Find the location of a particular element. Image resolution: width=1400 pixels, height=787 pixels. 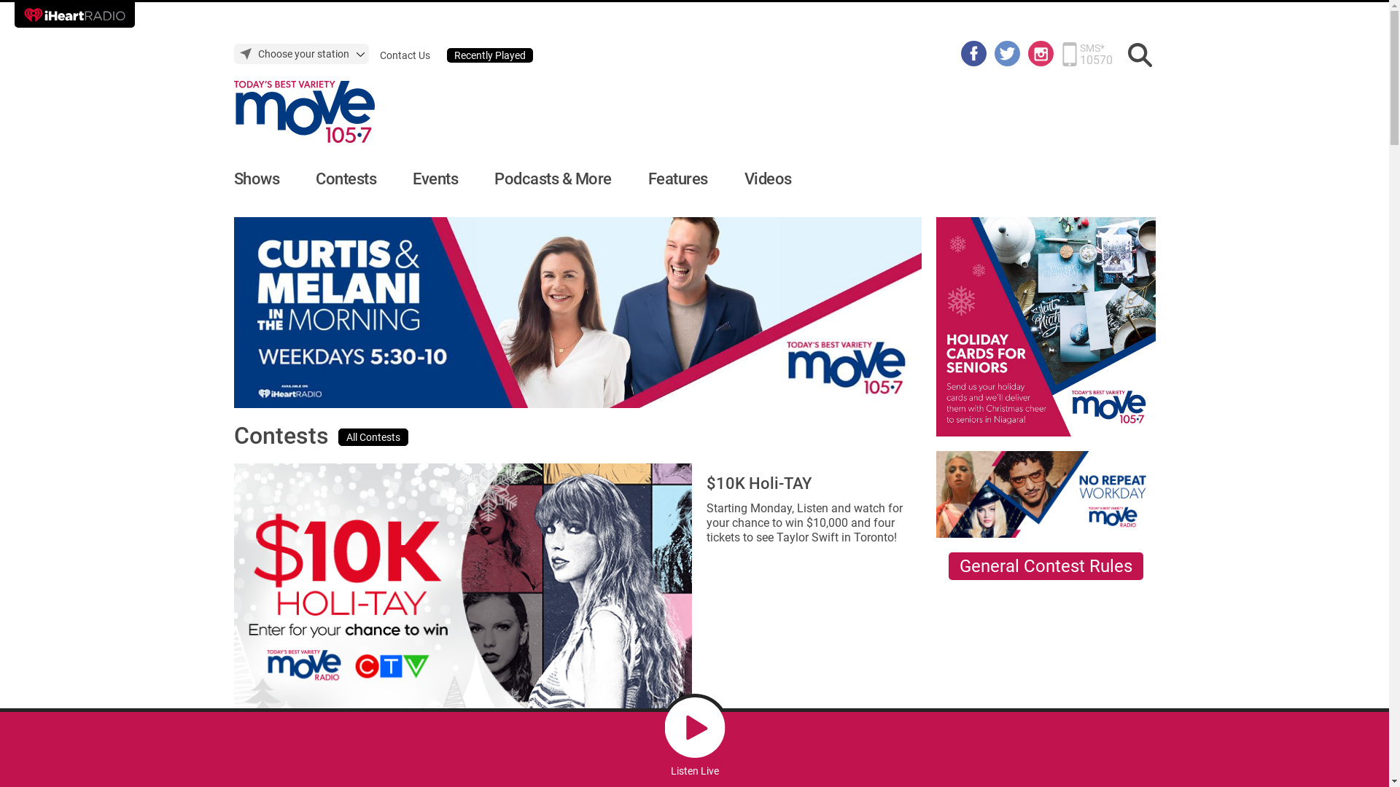

'Instagram' is located at coordinates (1040, 52).